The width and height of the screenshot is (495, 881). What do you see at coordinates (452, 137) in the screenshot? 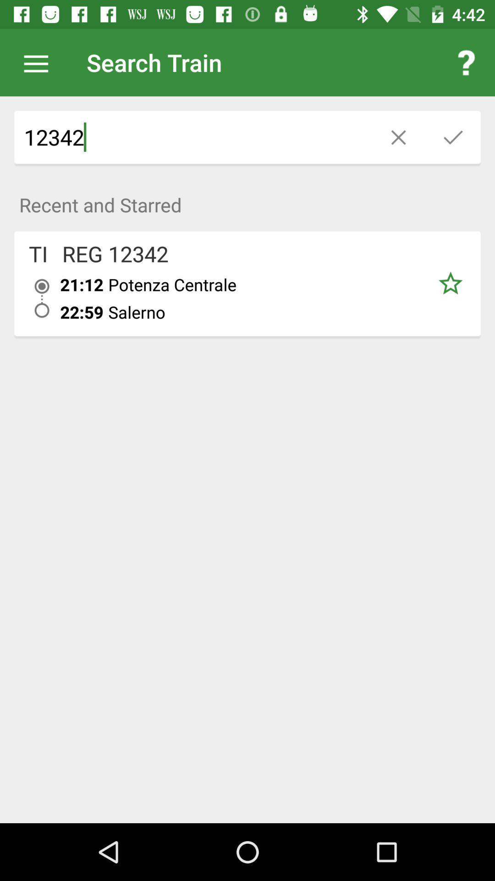
I see `the check icon` at bounding box center [452, 137].